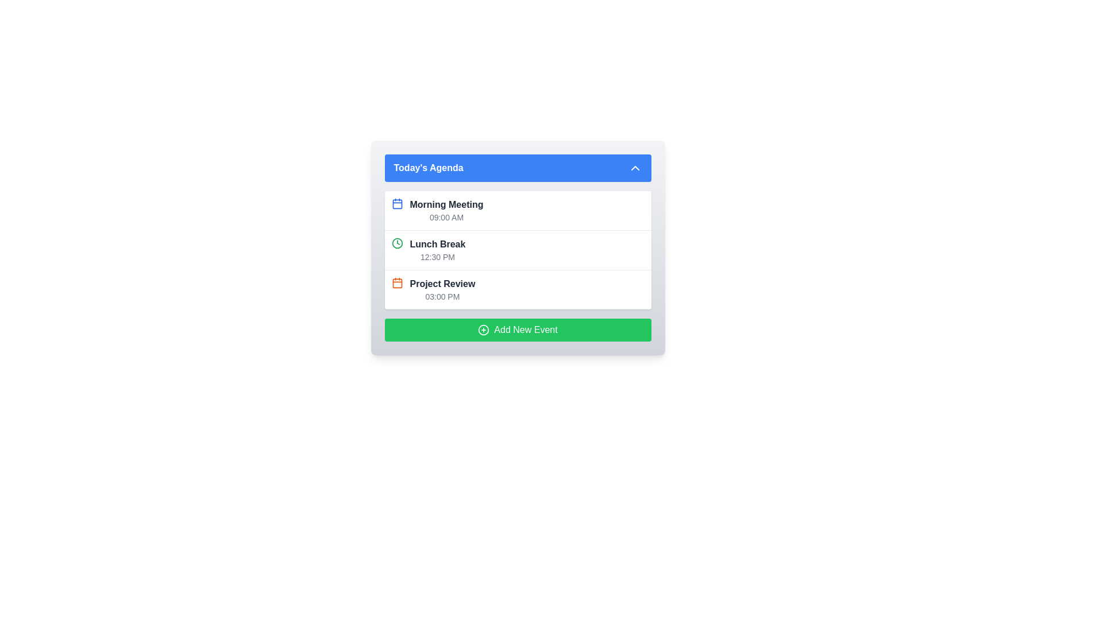 The image size is (1103, 620). I want to click on the text label displaying '09:00 AM', which is styled with a gray font and positioned beneath the 'Morning Meeting' label in the first row of the agenda list under the 'Today's Agenda' title bar, so click(446, 217).